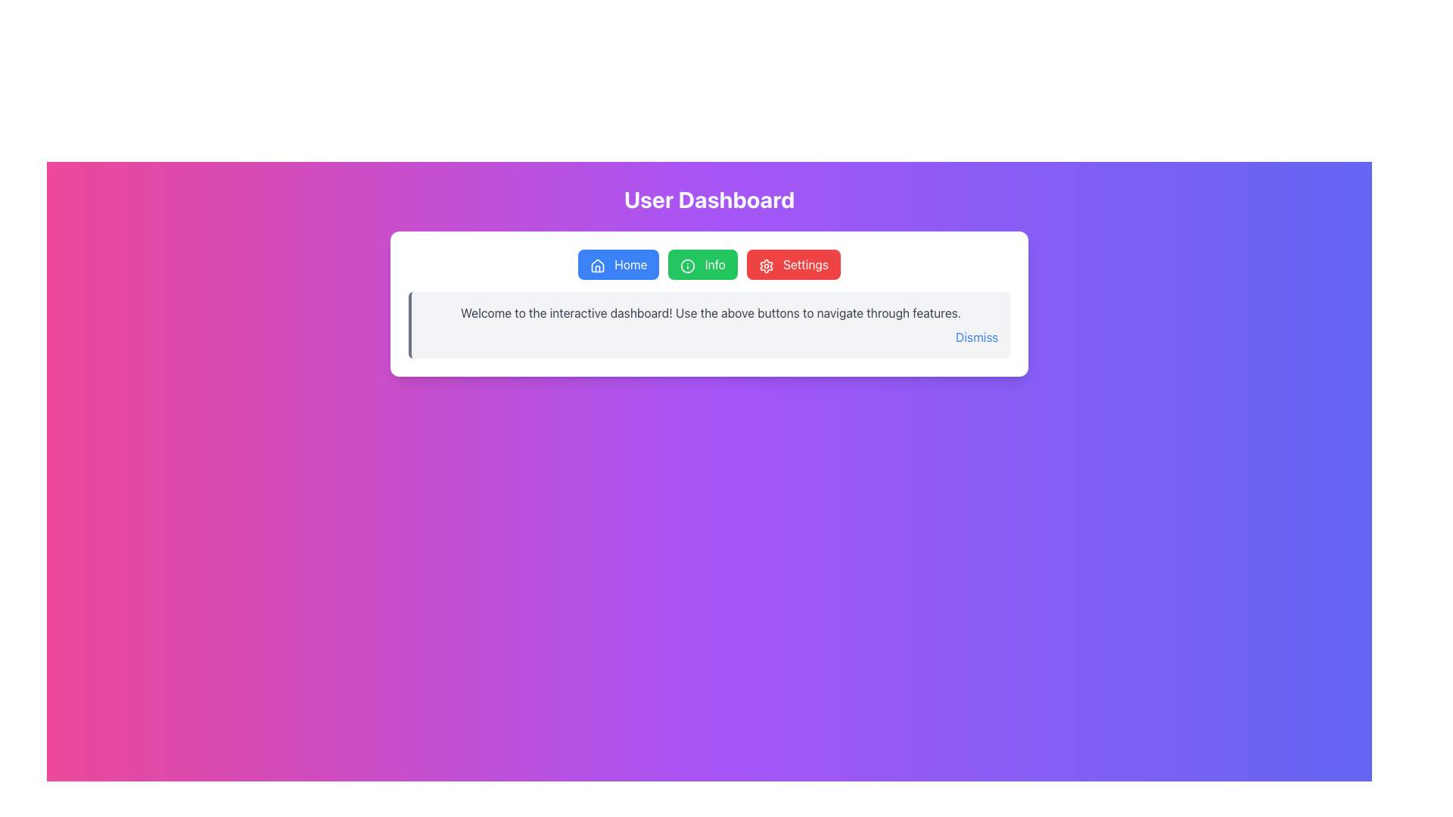 This screenshot has height=817, width=1453. What do you see at coordinates (702, 264) in the screenshot?
I see `the green 'Info' button with rounded corners for keyboard interaction` at bounding box center [702, 264].